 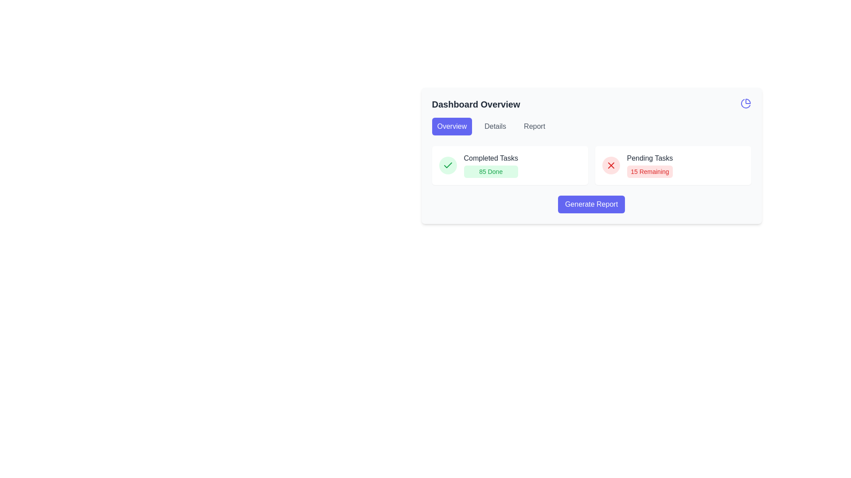 What do you see at coordinates (610, 166) in the screenshot?
I see `the red 'X' icon with a circular red background located in the top-left corner of the 'Pending Tasks' box on the Dashboard Overview interface` at bounding box center [610, 166].